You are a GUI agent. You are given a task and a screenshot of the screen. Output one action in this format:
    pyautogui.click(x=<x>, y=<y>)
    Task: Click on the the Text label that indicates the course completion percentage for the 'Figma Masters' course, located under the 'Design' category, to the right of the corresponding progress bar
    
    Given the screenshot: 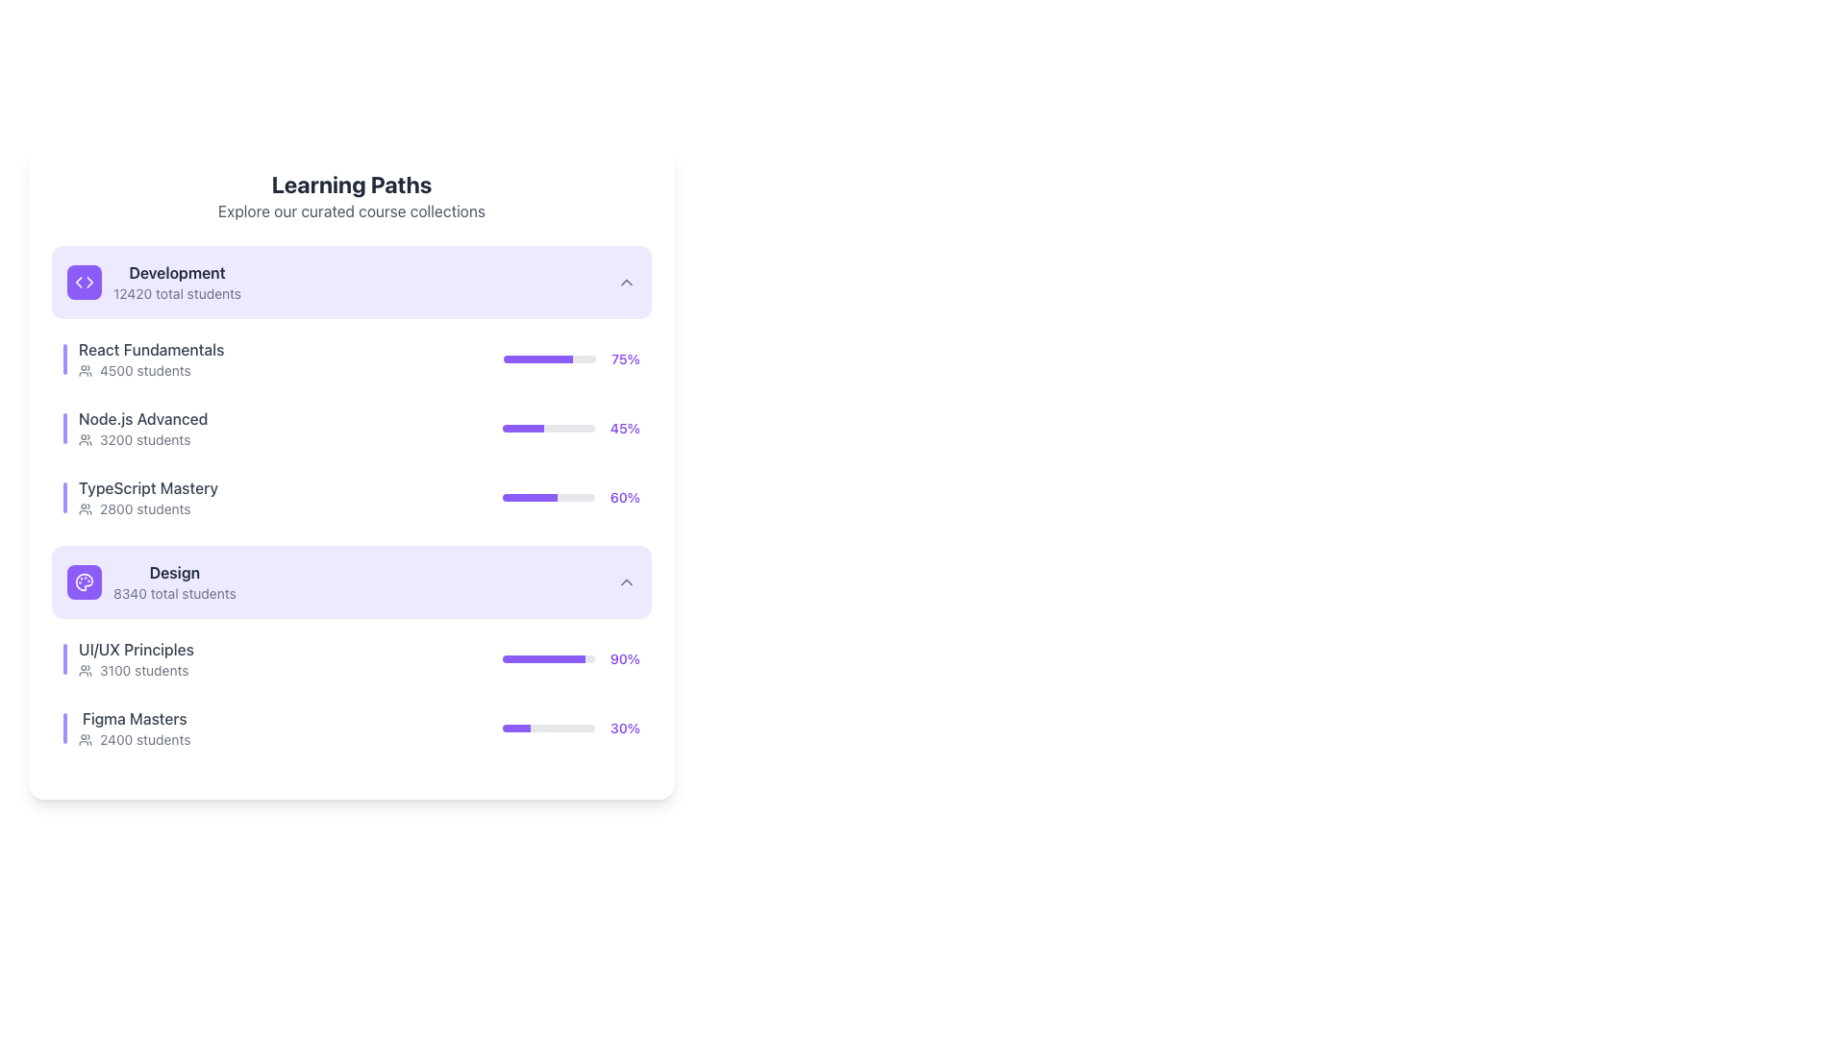 What is the action you would take?
    pyautogui.click(x=625, y=729)
    